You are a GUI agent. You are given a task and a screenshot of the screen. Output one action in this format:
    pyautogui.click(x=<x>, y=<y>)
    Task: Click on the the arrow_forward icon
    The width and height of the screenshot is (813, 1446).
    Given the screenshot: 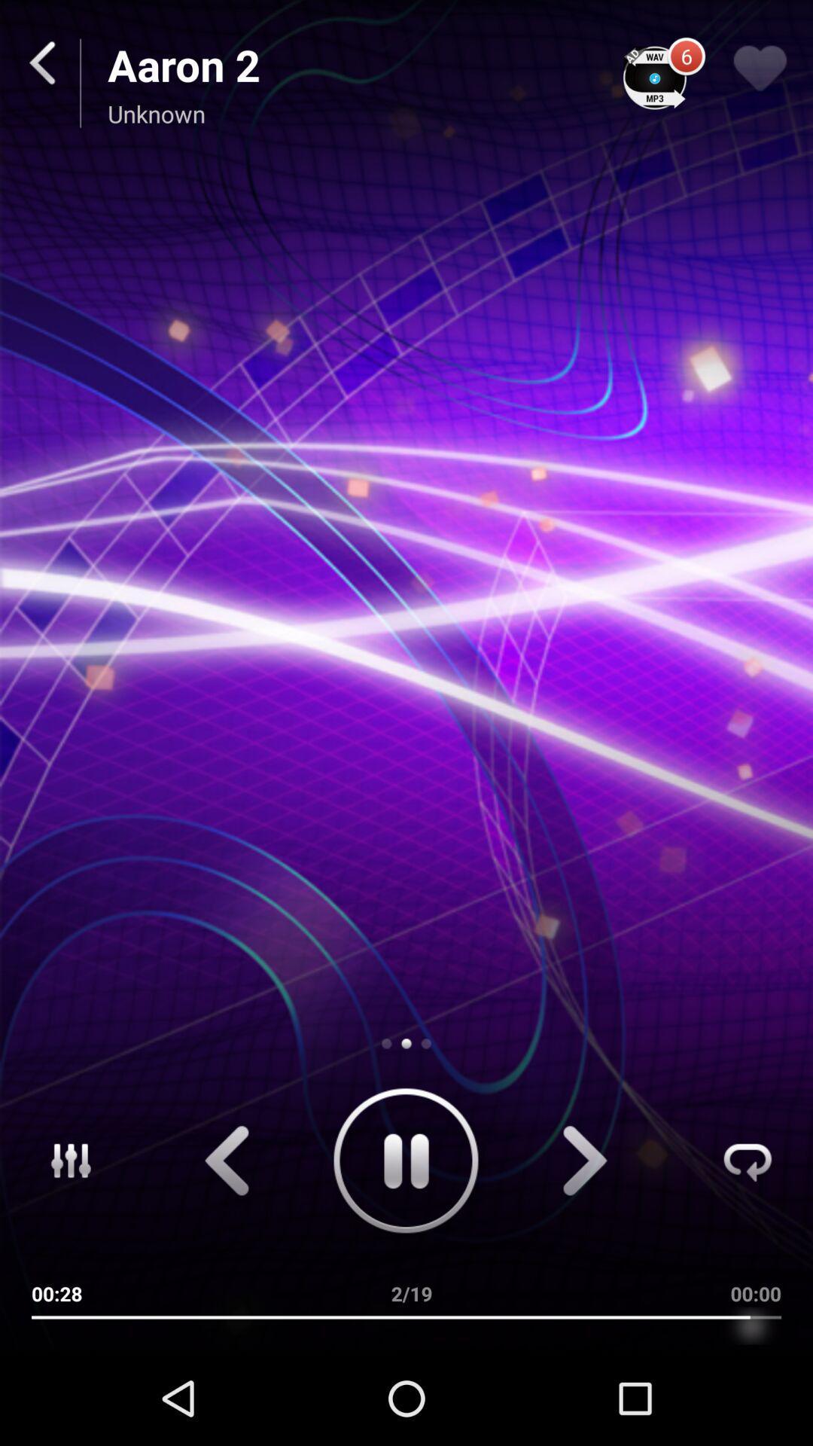 What is the action you would take?
    pyautogui.click(x=585, y=1246)
    